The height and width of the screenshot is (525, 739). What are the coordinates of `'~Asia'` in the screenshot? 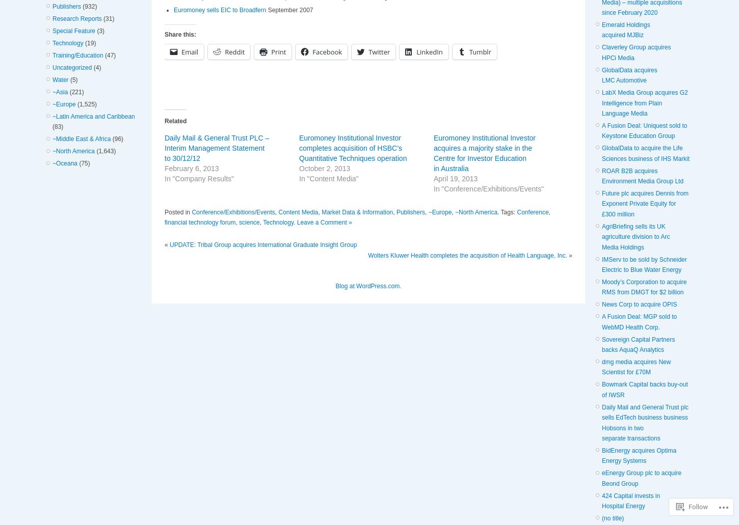 It's located at (60, 92).